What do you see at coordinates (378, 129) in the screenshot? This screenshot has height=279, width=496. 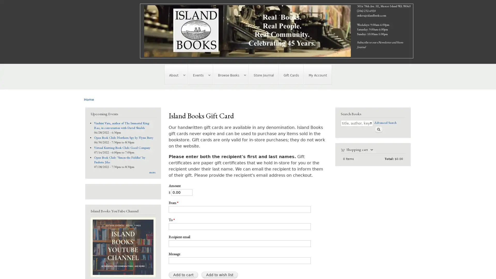 I see `Search` at bounding box center [378, 129].